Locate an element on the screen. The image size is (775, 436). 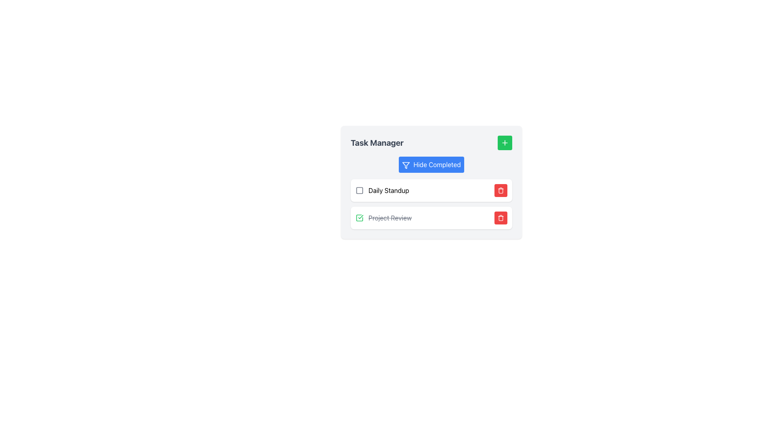
the text label of the first task item in the task manager to focus on it is located at coordinates (382, 190).